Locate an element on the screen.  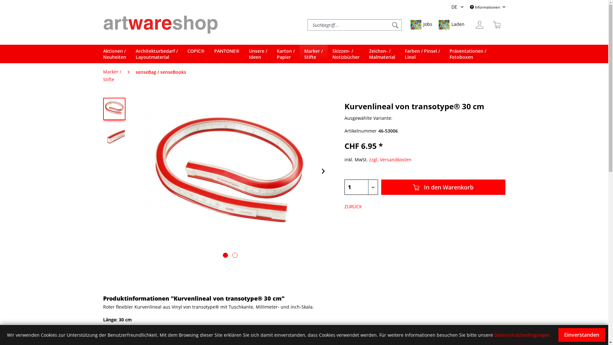
'Jobs' is located at coordinates (421, 24).